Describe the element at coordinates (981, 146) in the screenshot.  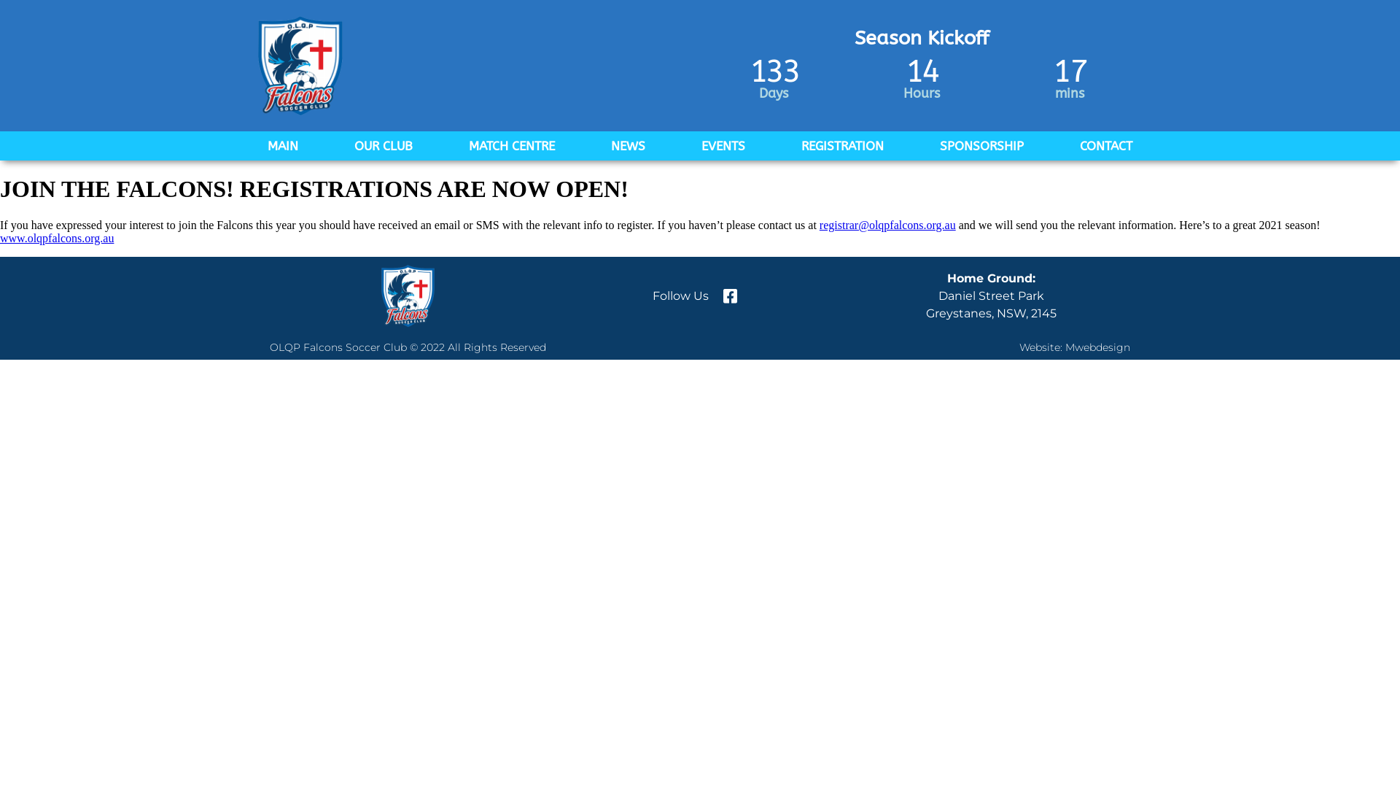
I see `'SPONSORSHIP'` at that location.